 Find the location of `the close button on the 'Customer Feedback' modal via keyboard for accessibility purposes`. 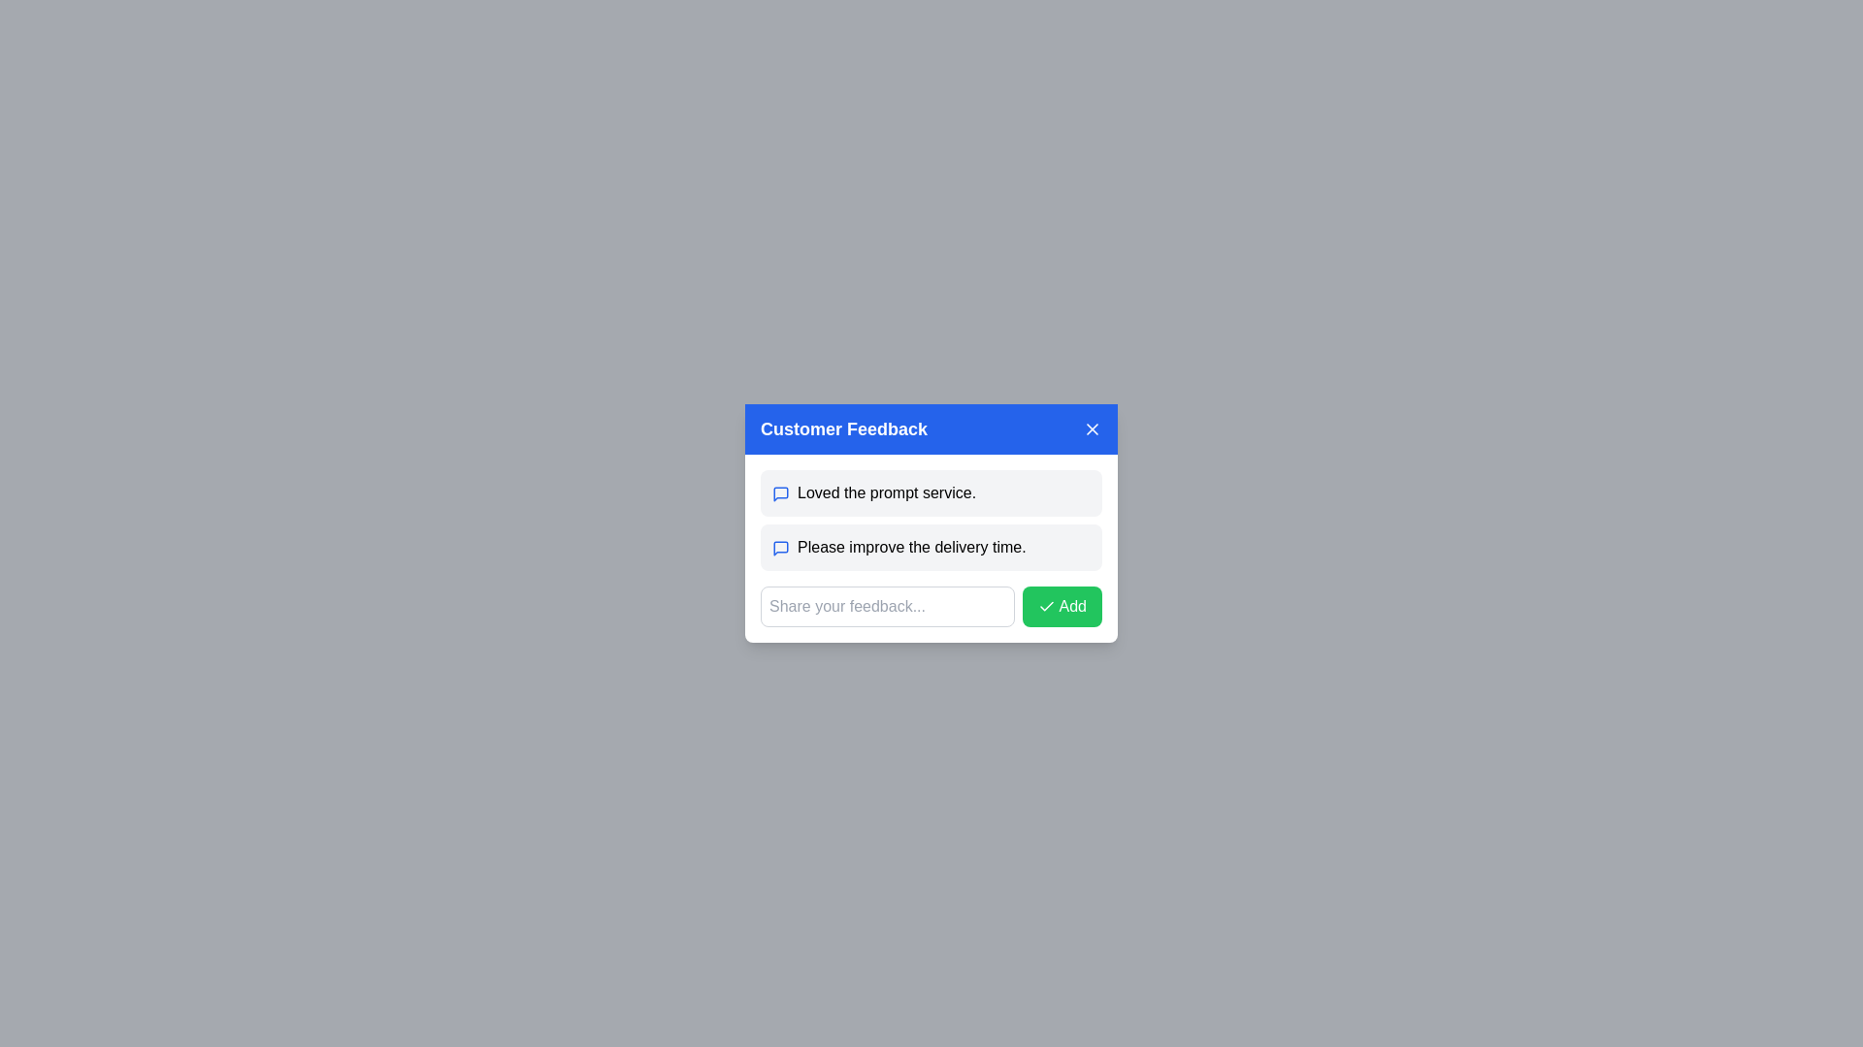

the close button on the 'Customer Feedback' modal via keyboard for accessibility purposes is located at coordinates (1093, 428).